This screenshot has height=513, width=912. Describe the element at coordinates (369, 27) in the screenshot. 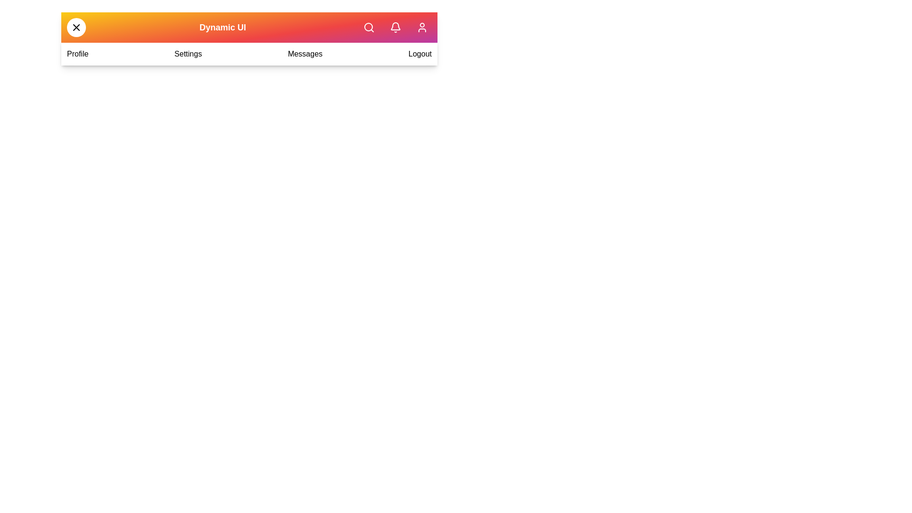

I see `the search button in the navigation bar` at that location.